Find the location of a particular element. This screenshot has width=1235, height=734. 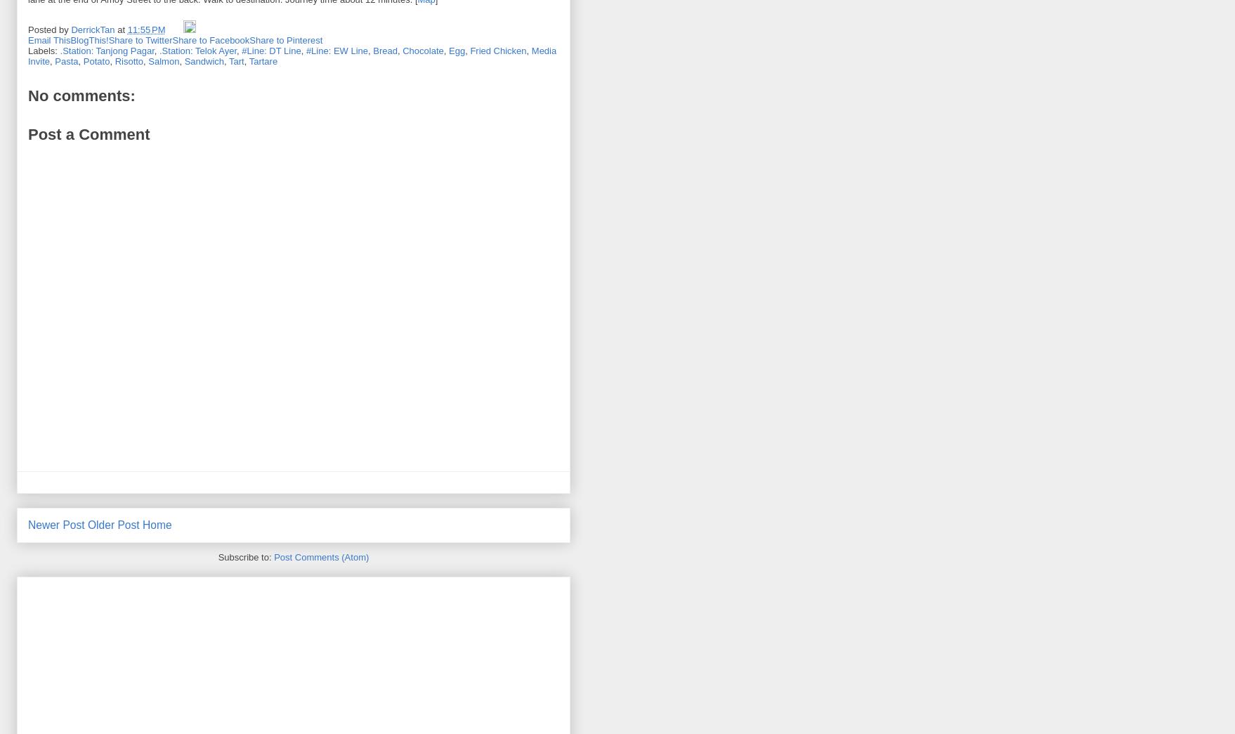

'Bread' is located at coordinates (384, 50).